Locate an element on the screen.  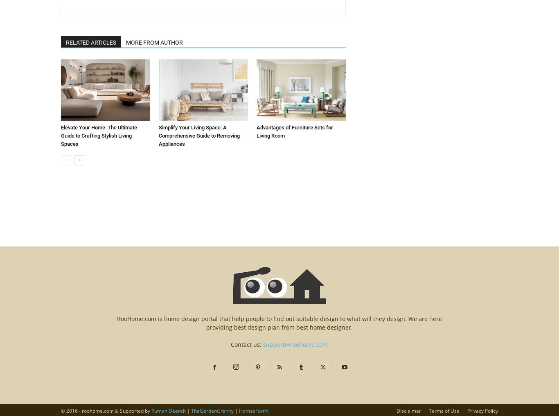
'MORE FROM AUTHOR' is located at coordinates (154, 43).